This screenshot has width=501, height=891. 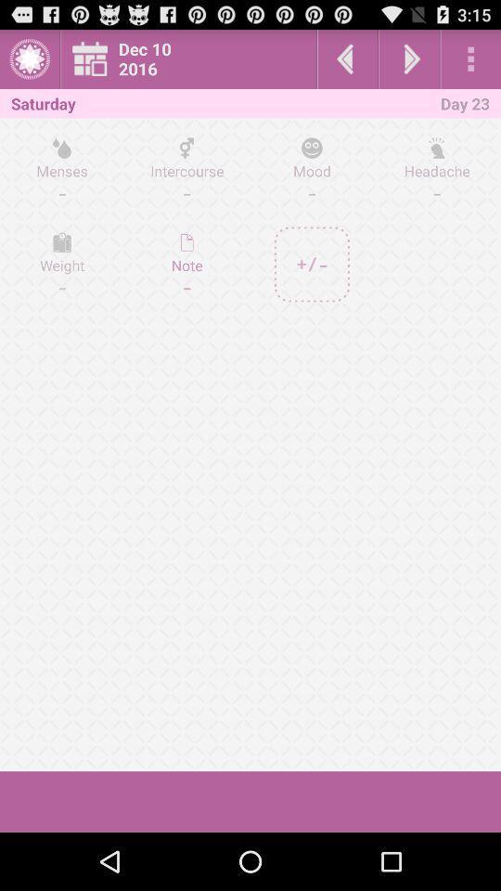 What do you see at coordinates (409, 58) in the screenshot?
I see `next day` at bounding box center [409, 58].